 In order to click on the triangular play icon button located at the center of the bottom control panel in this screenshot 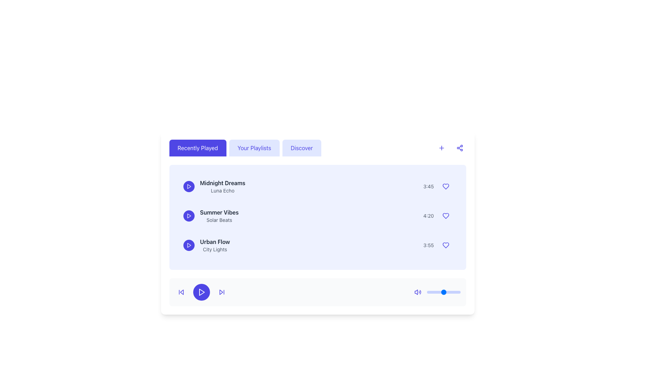, I will do `click(201, 292)`.